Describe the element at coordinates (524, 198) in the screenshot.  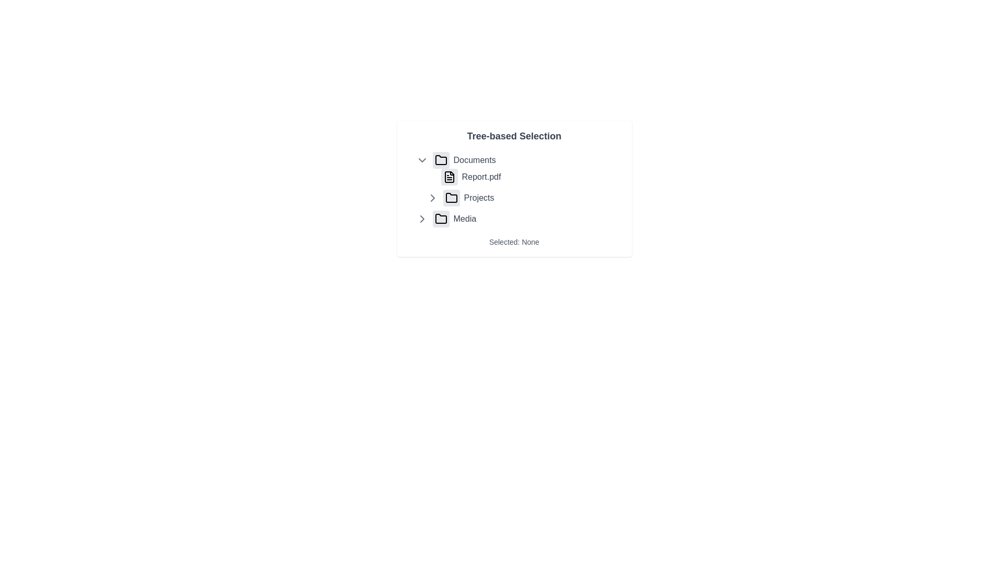
I see `the 'Projects' collapsible tree node` at that location.